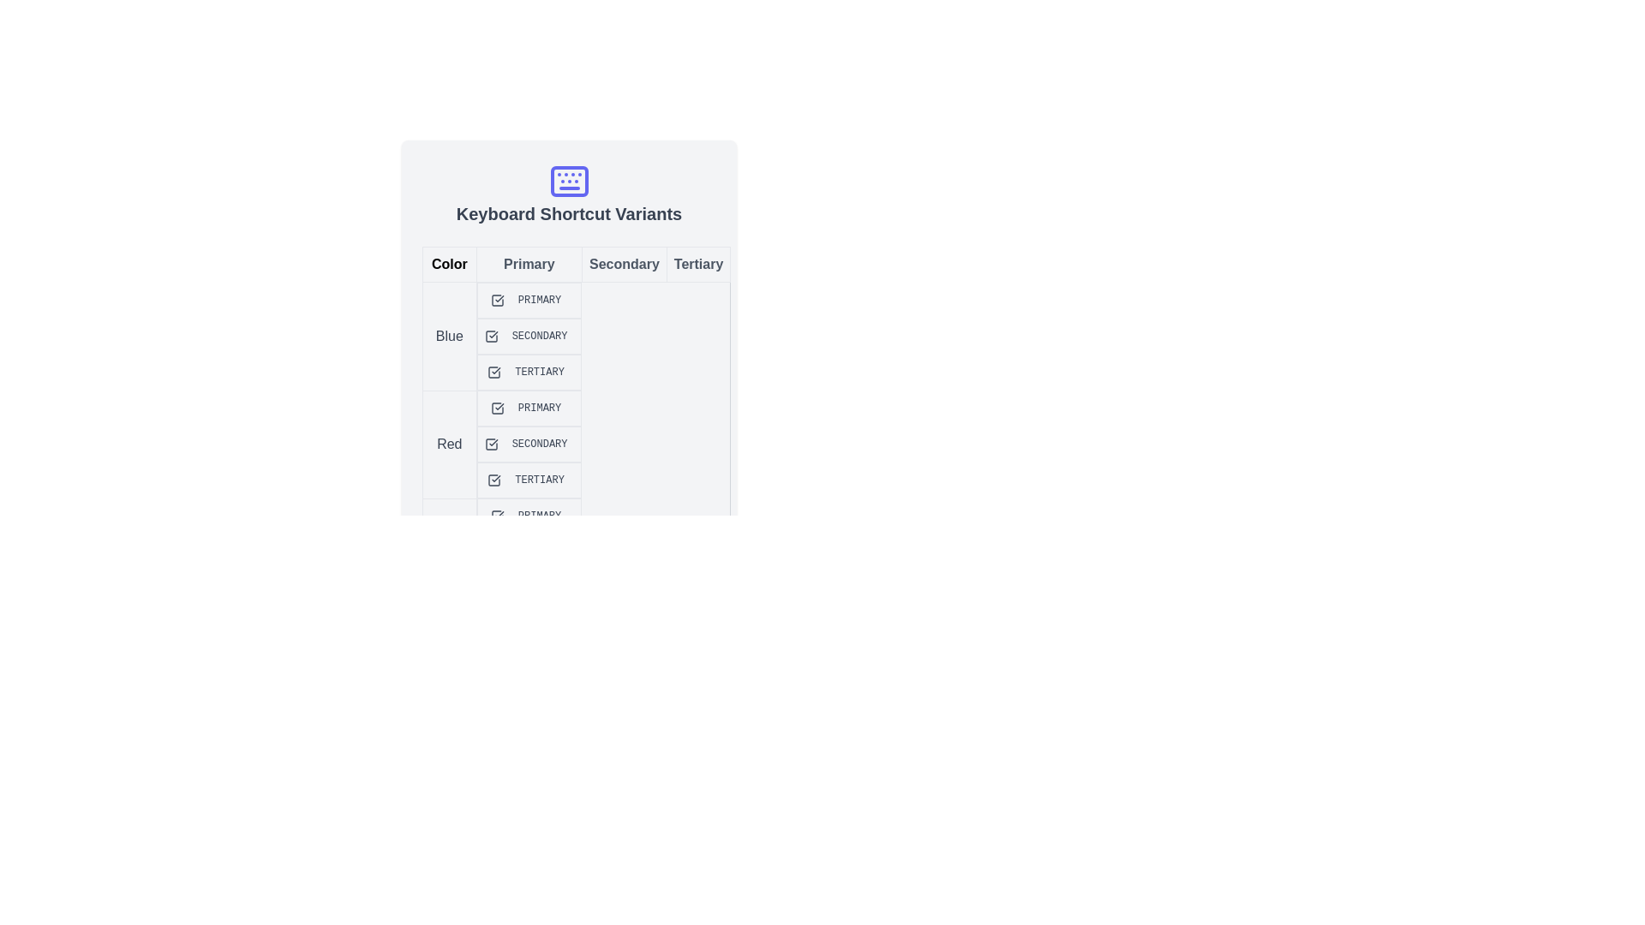 This screenshot has width=1645, height=925. What do you see at coordinates (569, 182) in the screenshot?
I see `the keyboard shortcut icon located above the 'Keyboard Shortcut Variants' text, which serves as a visual header for the section` at bounding box center [569, 182].